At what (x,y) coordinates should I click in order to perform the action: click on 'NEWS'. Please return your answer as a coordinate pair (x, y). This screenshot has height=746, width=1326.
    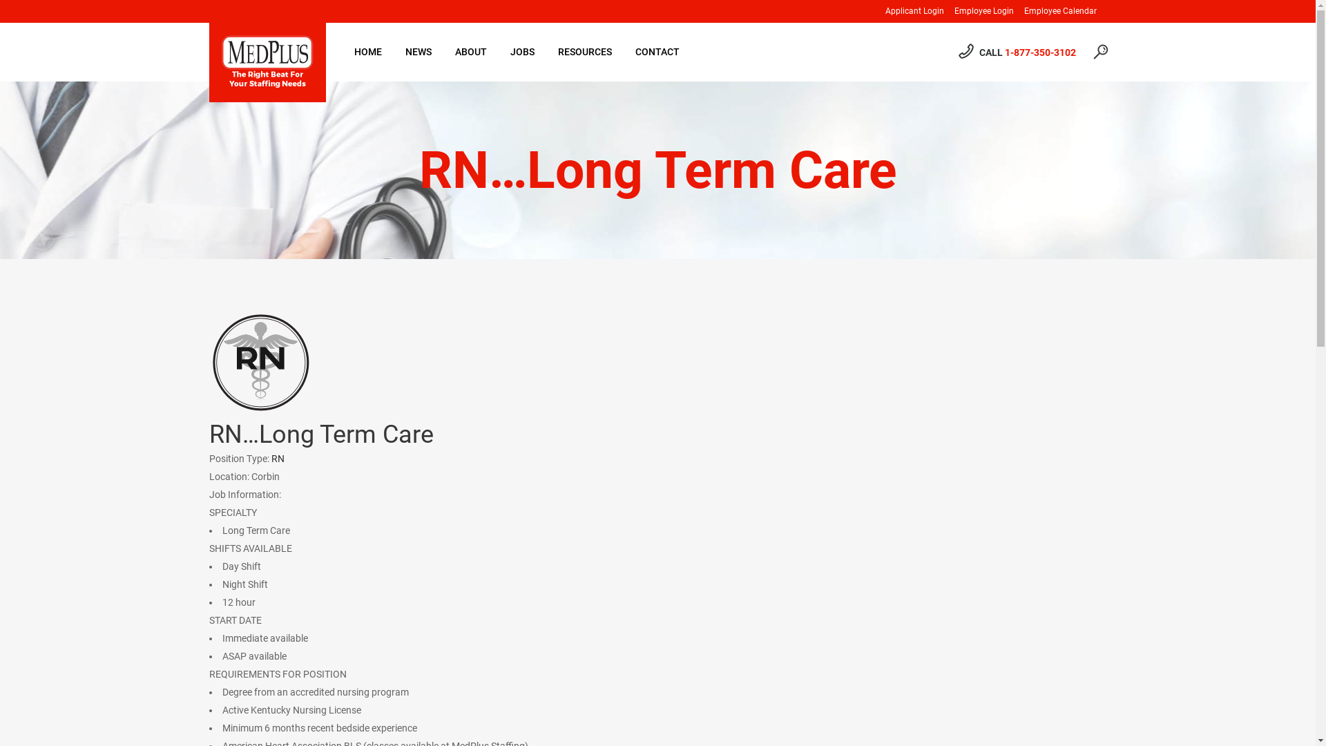
    Looking at the image, I should click on (417, 51).